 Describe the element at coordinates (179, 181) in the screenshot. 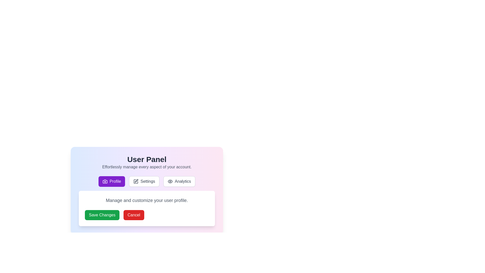

I see `the tab labeled Analytics to read its descriptive text` at that location.